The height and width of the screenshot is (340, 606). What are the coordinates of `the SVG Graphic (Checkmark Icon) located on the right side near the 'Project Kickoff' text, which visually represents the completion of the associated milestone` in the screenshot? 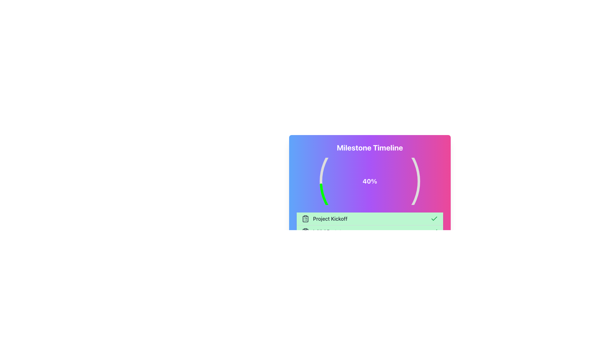 It's located at (434, 231).